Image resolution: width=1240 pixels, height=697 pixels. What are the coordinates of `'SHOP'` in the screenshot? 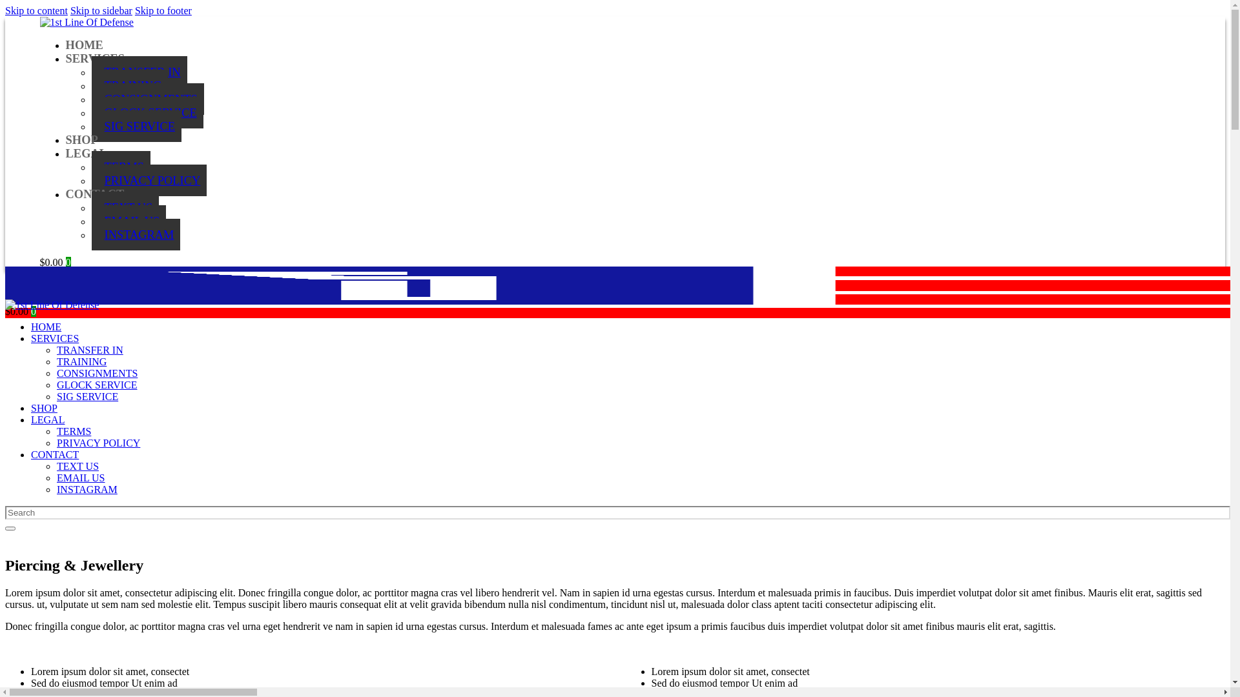 It's located at (81, 139).